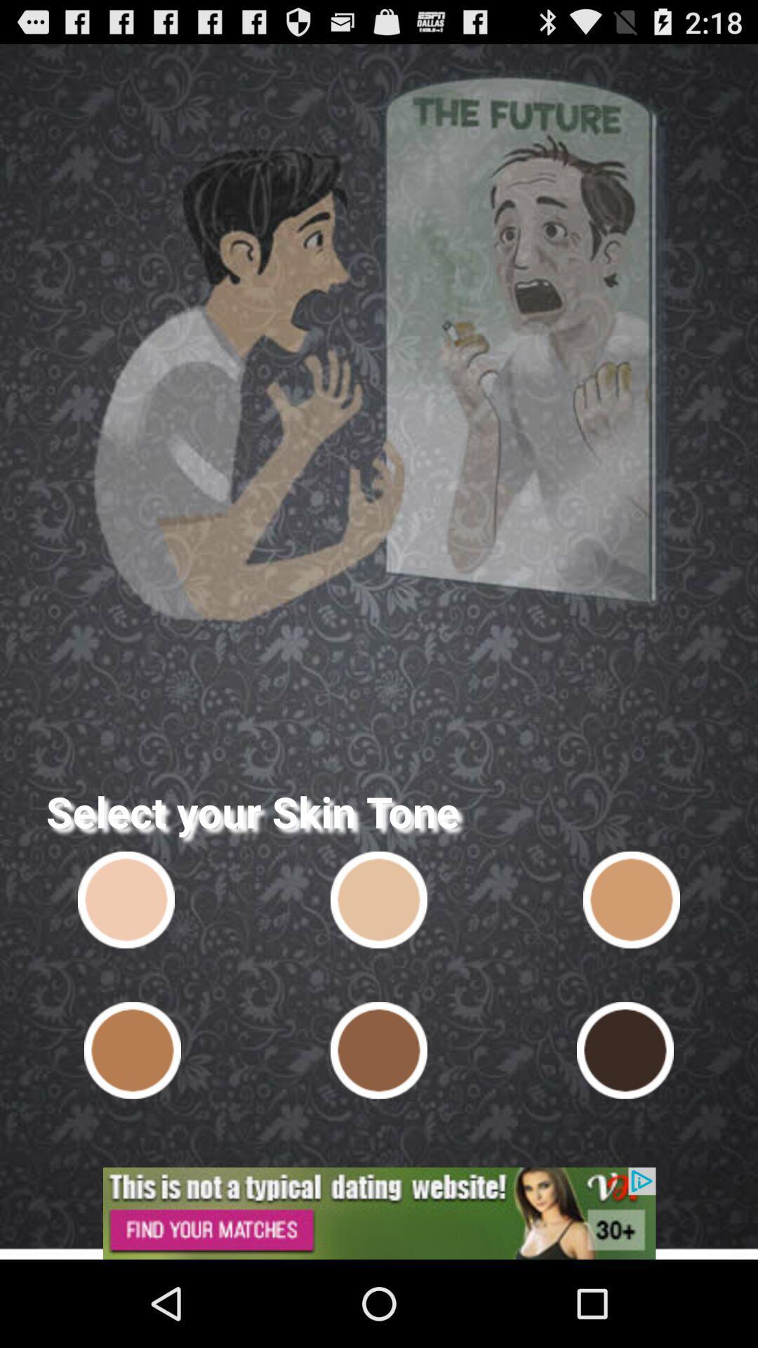 The height and width of the screenshot is (1348, 758). I want to click on choose shade of color preferred, so click(133, 1050).